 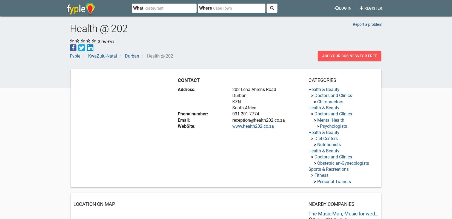 I want to click on 'Log in', so click(x=338, y=8).